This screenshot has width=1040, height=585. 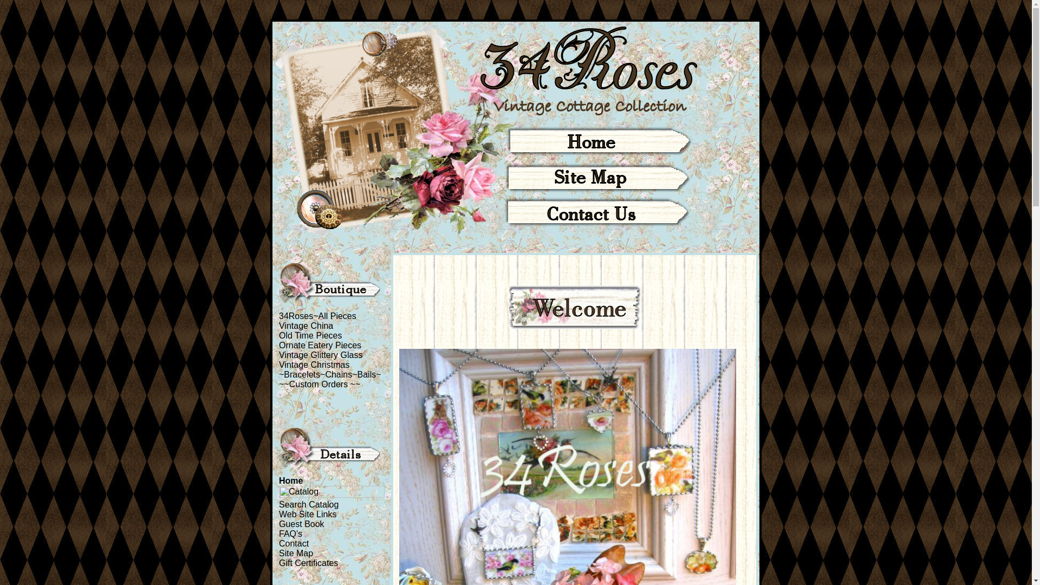 What do you see at coordinates (319, 383) in the screenshot?
I see `'~~Custom Orders ~~'` at bounding box center [319, 383].